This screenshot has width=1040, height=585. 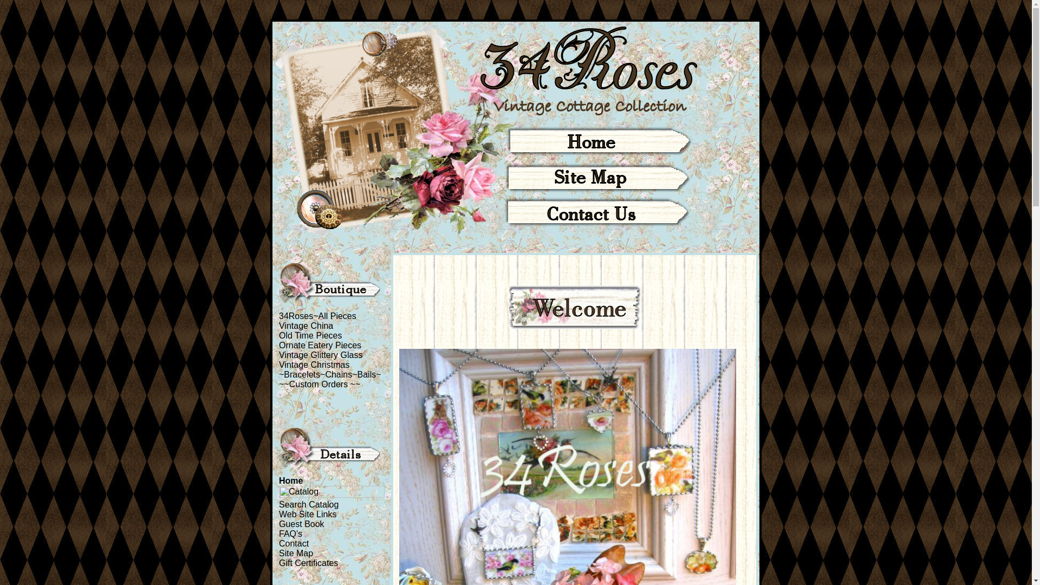 What do you see at coordinates (319, 383) in the screenshot?
I see `'~~Custom Orders ~~'` at bounding box center [319, 383].